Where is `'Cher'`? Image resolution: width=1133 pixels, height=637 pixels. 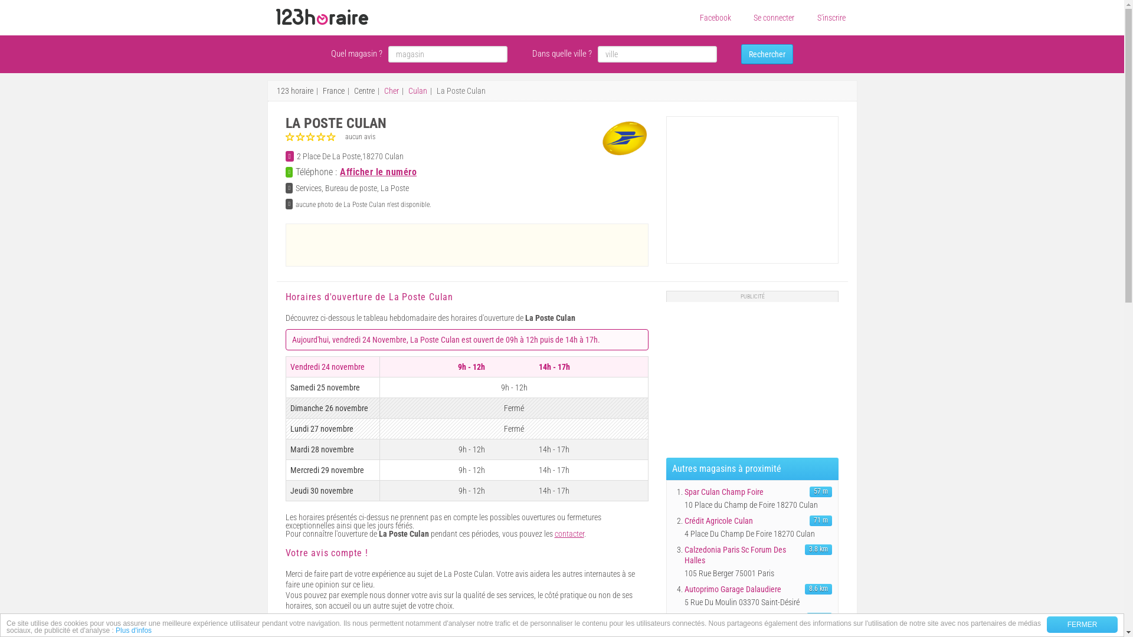
'Cher' is located at coordinates (391, 90).